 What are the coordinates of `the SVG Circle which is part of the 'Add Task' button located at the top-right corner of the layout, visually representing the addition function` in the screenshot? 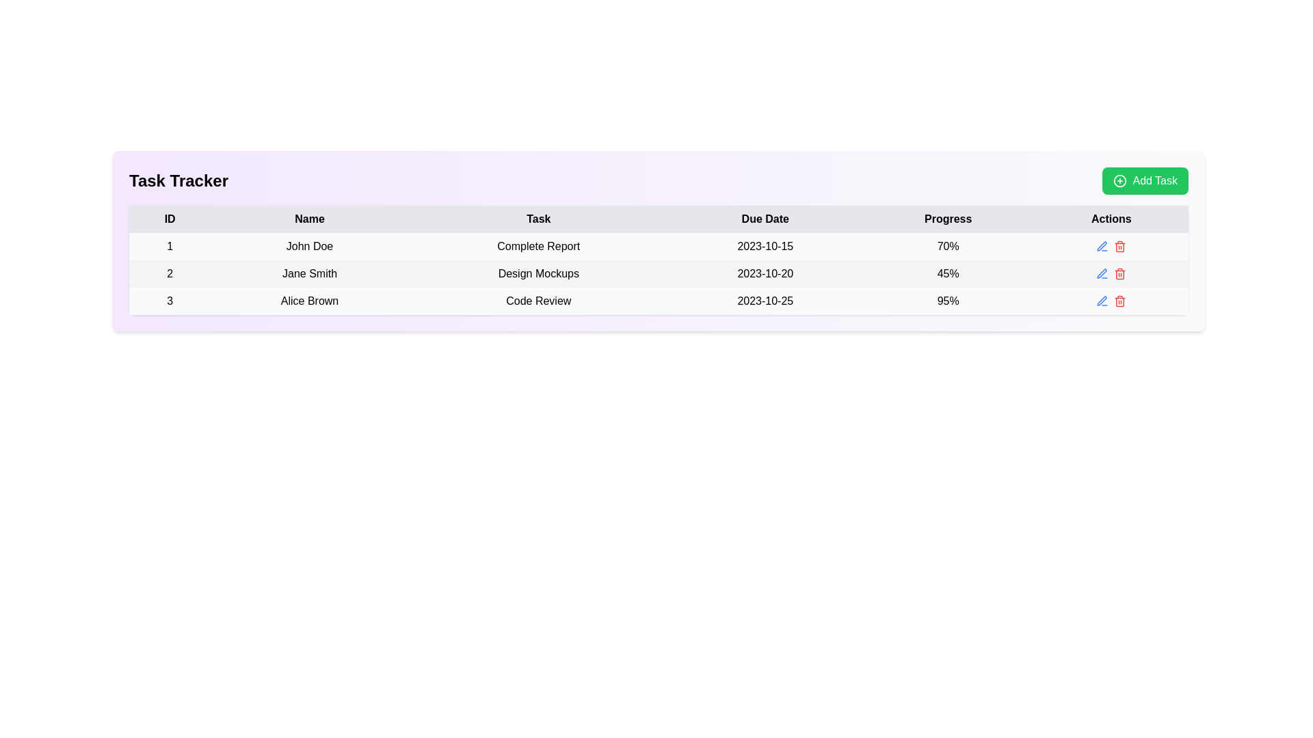 It's located at (1120, 180).